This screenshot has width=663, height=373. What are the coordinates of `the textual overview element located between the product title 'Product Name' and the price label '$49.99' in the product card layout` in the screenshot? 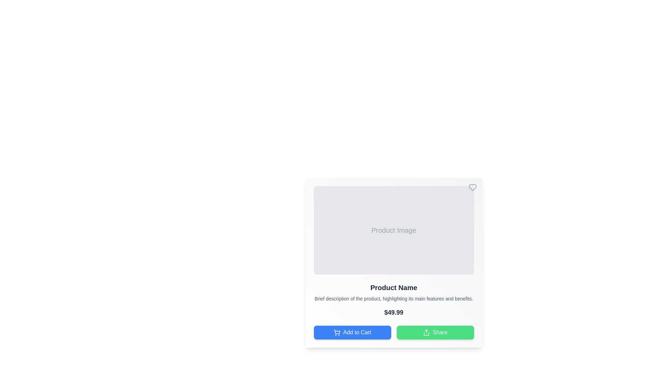 It's located at (394, 298).